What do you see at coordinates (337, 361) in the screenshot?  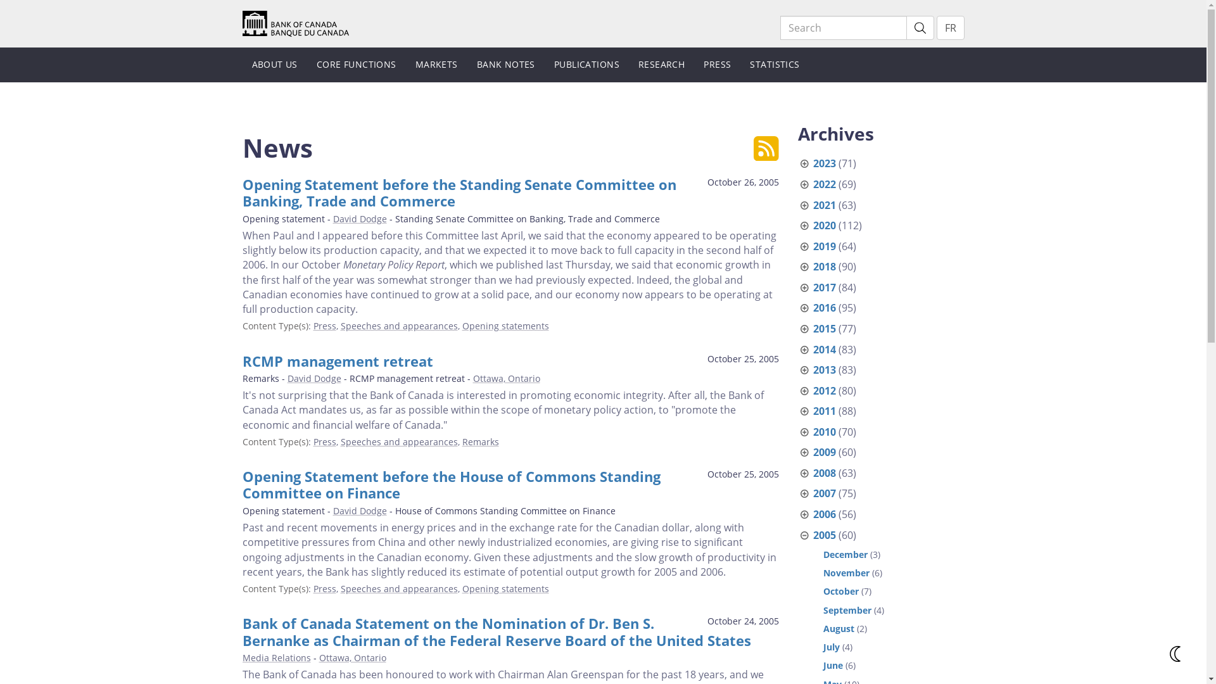 I see `'RCMP management retreat'` at bounding box center [337, 361].